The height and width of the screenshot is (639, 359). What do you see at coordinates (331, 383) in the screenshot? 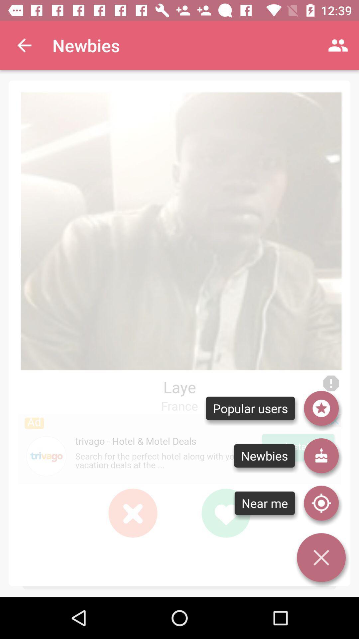
I see `the warning icon` at bounding box center [331, 383].